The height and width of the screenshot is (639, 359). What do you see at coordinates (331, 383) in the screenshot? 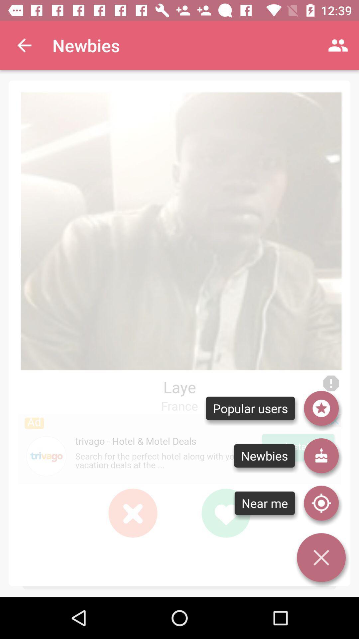
I see `the warning icon` at bounding box center [331, 383].